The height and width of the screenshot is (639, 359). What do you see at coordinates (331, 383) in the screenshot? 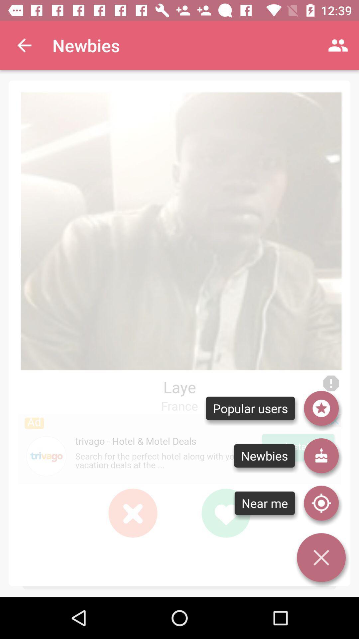
I see `the warning icon` at bounding box center [331, 383].